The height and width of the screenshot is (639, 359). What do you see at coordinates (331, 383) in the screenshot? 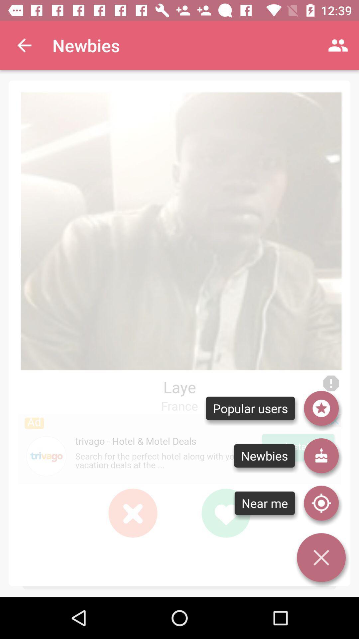
I see `the warning icon` at bounding box center [331, 383].